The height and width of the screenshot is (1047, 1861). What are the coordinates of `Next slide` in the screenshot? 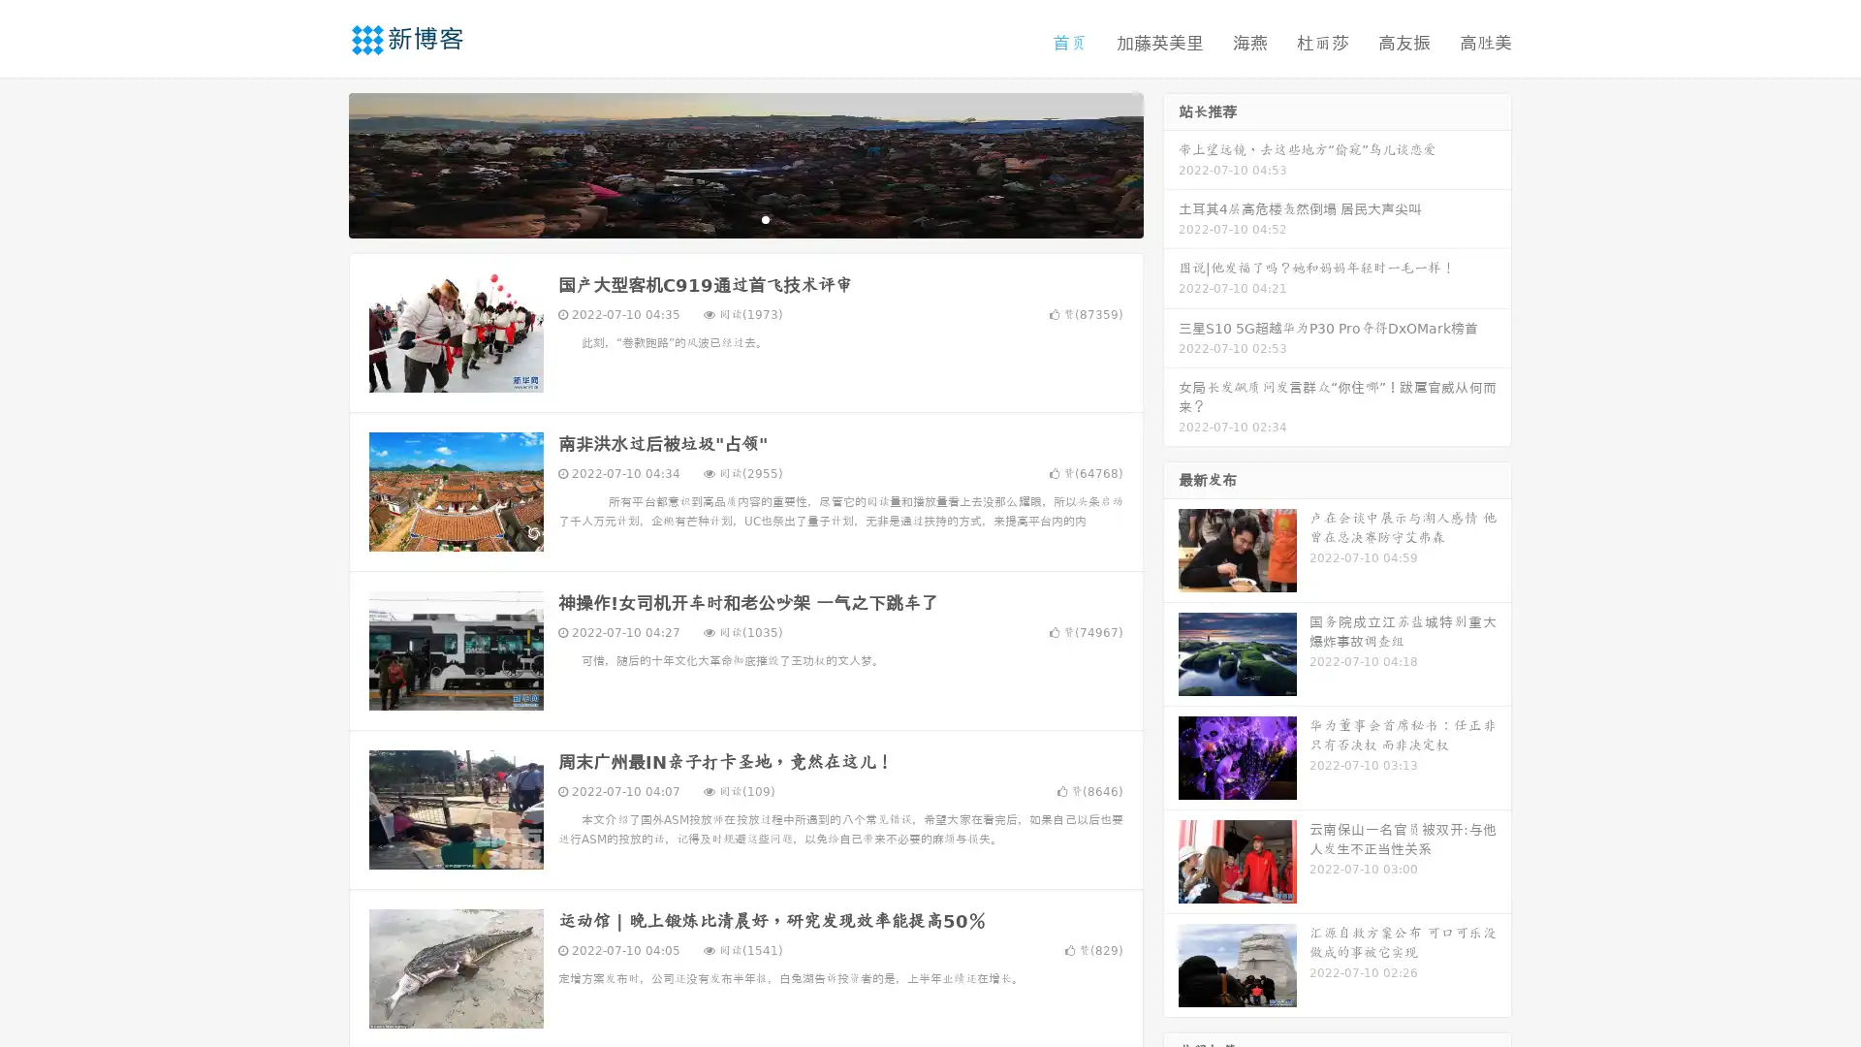 It's located at (1171, 163).